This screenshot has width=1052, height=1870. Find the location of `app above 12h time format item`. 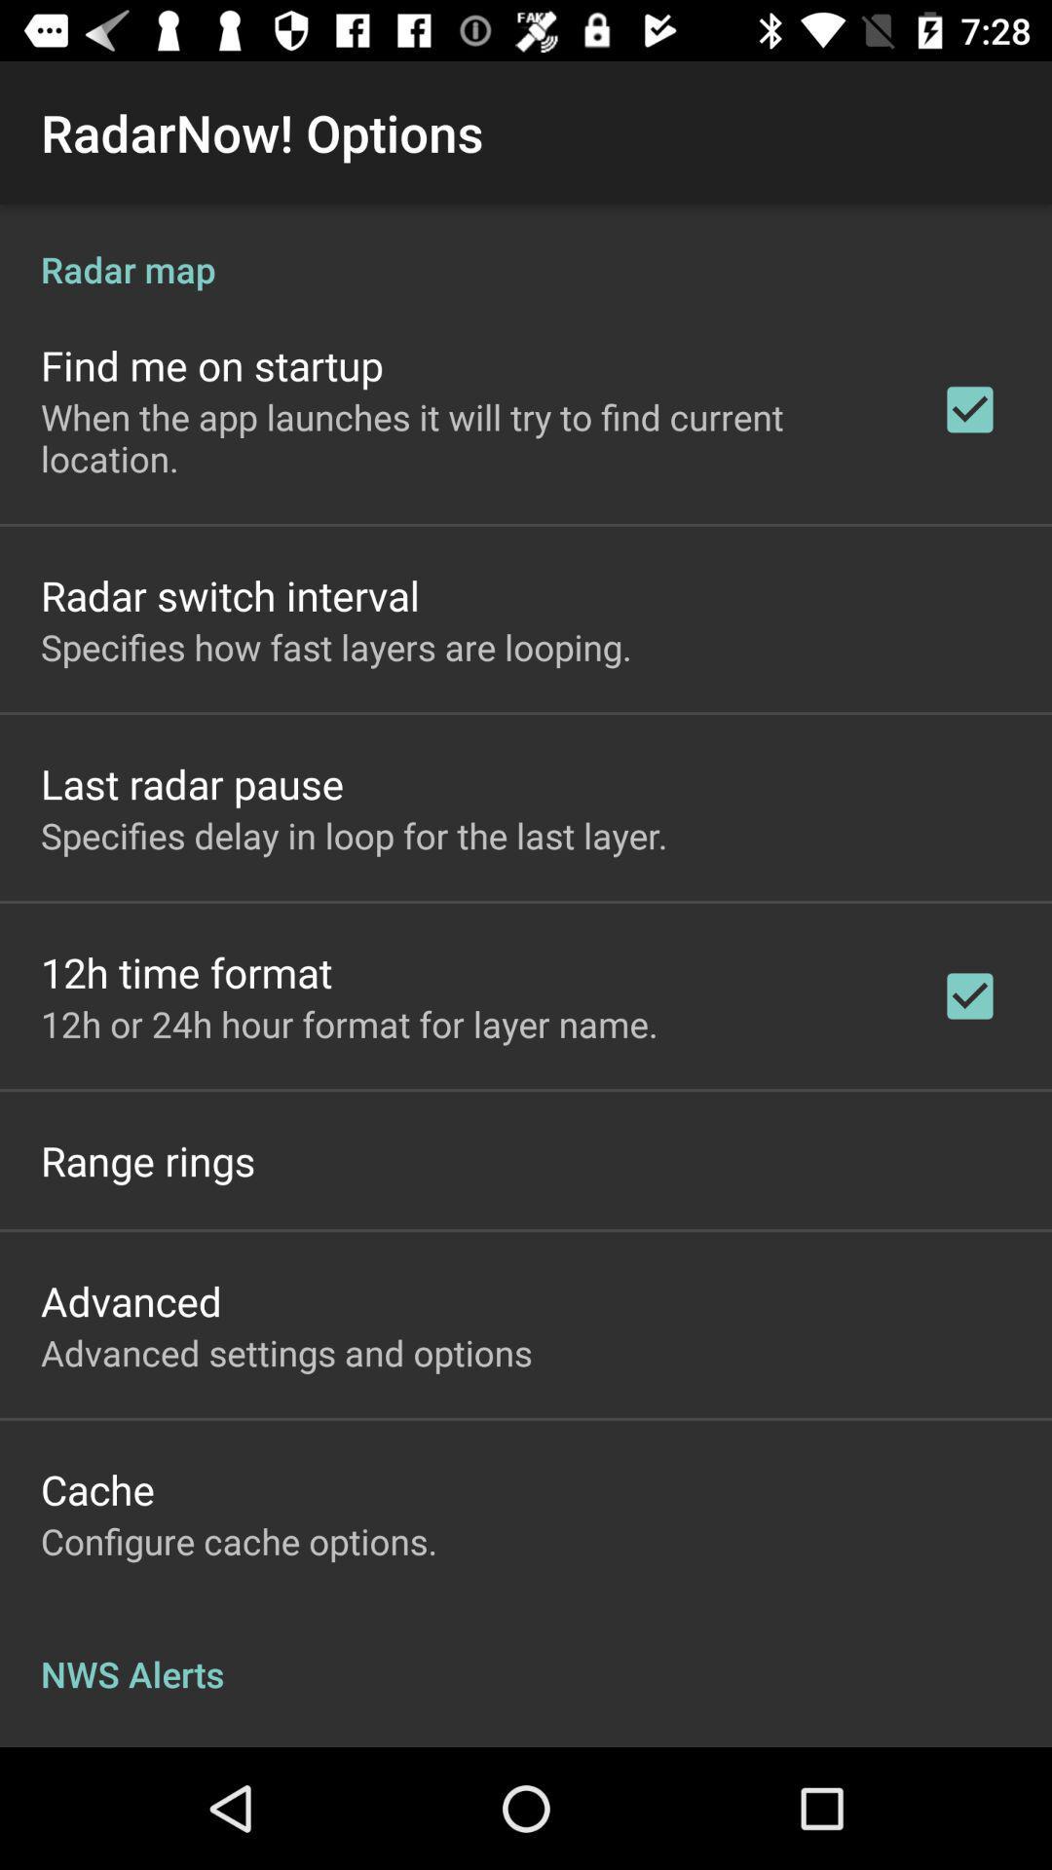

app above 12h time format item is located at coordinates (354, 836).